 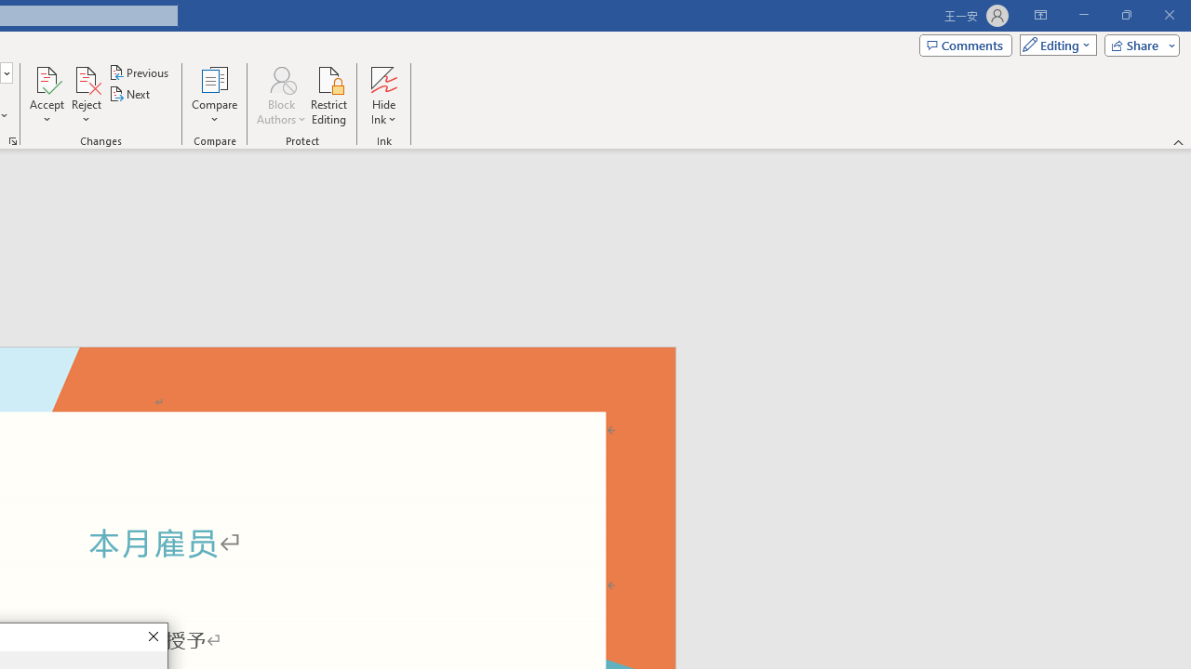 What do you see at coordinates (382, 78) in the screenshot?
I see `'Hide Ink'` at bounding box center [382, 78].